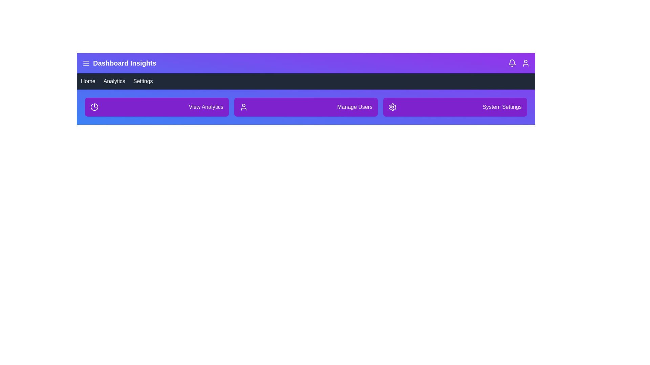  I want to click on the navigation menu item Home to navigate to the respective section, so click(87, 81).